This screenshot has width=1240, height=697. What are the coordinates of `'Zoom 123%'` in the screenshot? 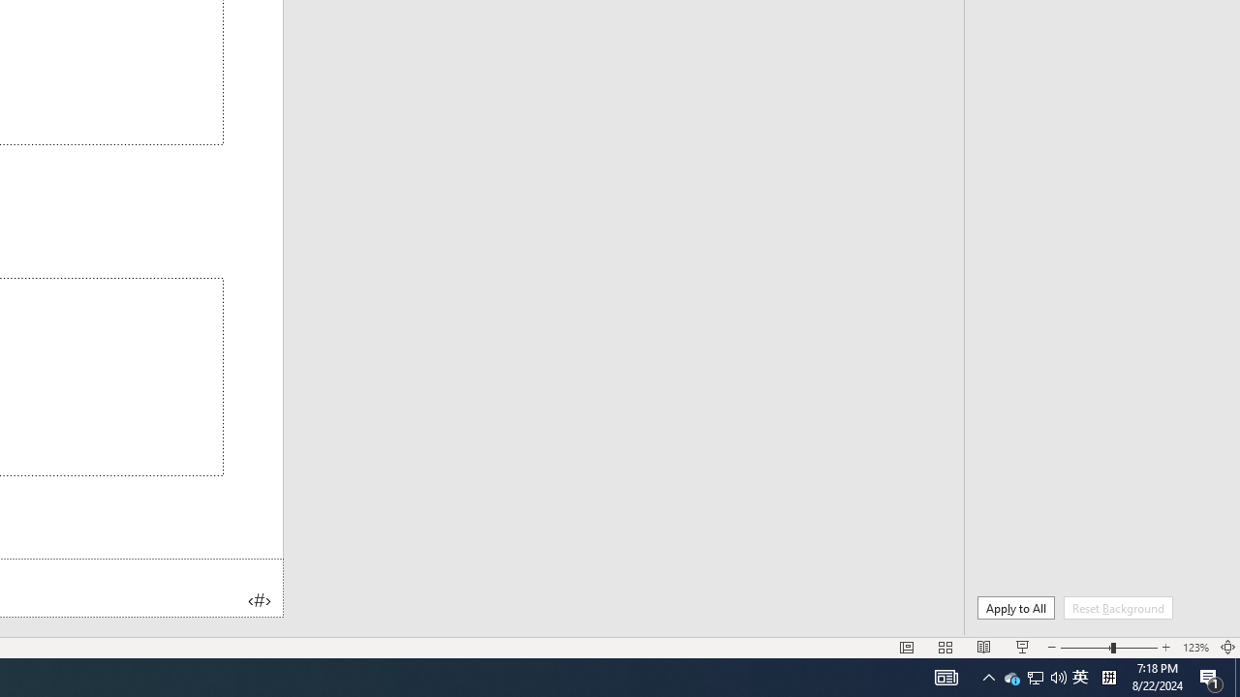 It's located at (1194, 648).